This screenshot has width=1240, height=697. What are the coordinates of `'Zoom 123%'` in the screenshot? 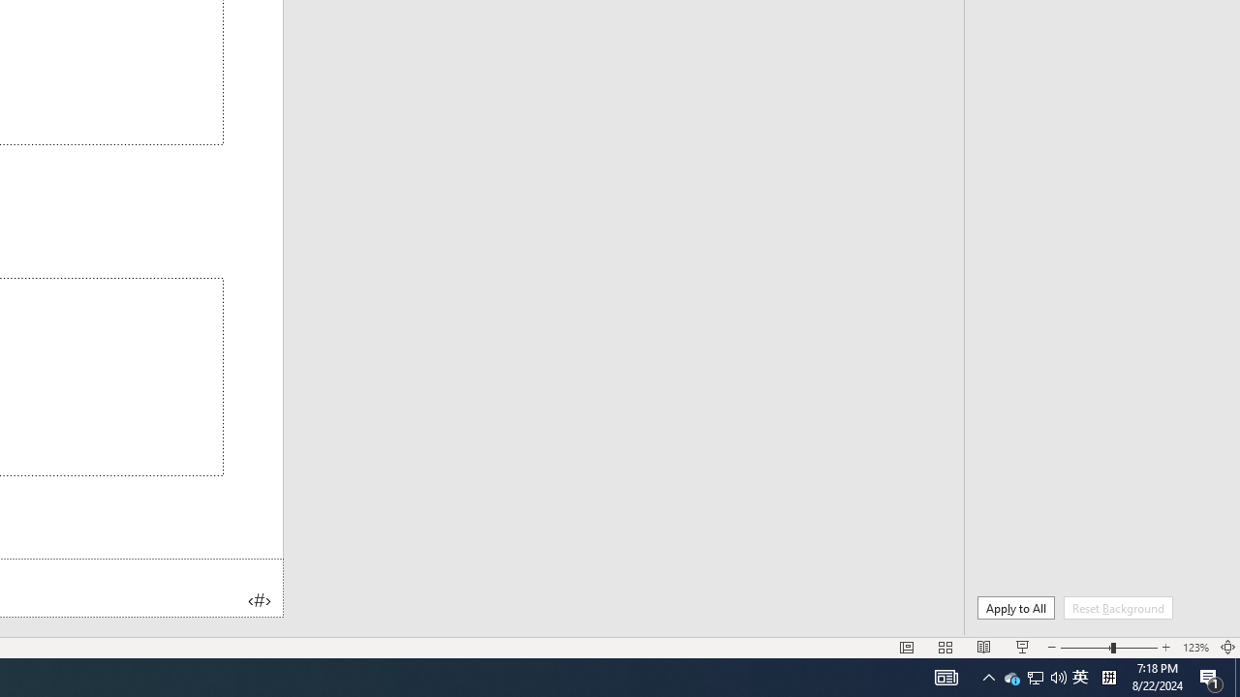 It's located at (1194, 648).